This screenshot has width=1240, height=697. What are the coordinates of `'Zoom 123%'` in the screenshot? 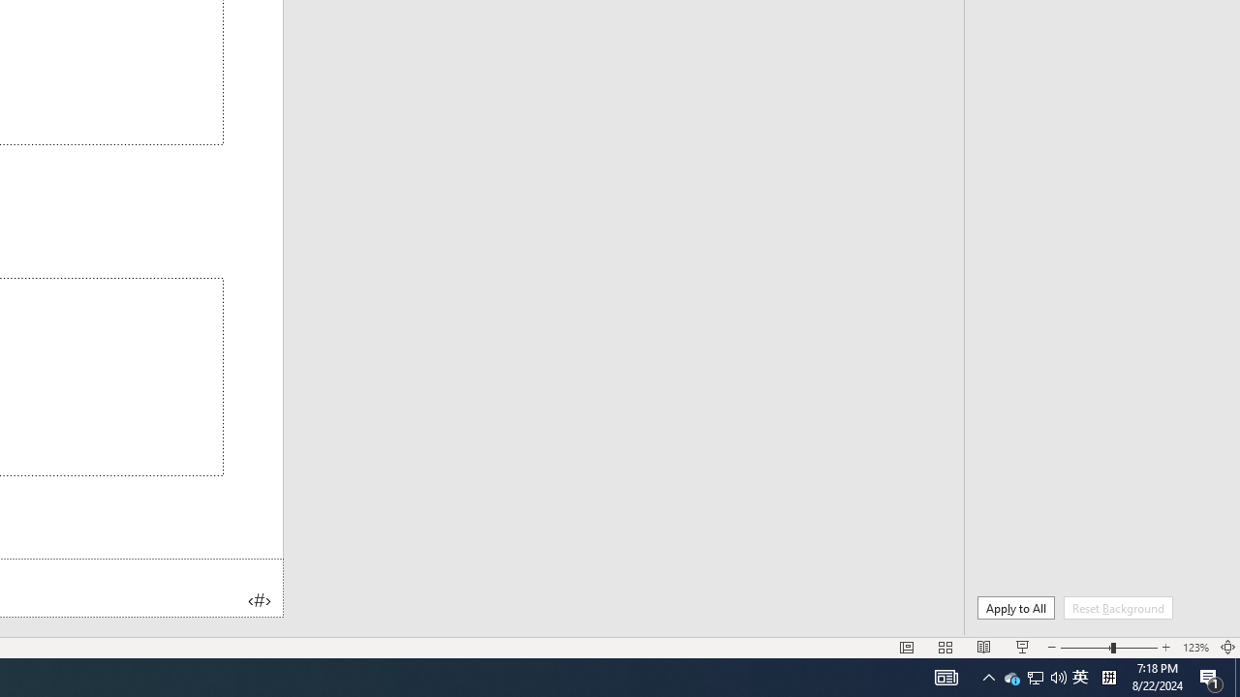 It's located at (1194, 648).